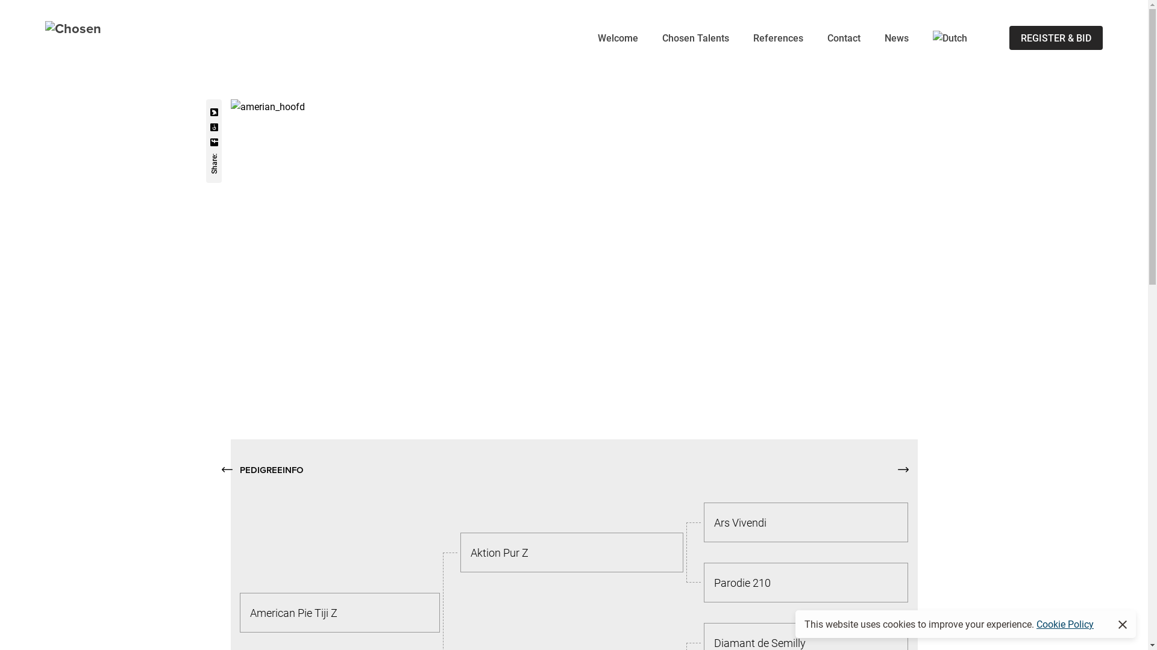 The image size is (1157, 650). Describe the element at coordinates (266, 106) in the screenshot. I see `'amerian_hoofd'` at that location.